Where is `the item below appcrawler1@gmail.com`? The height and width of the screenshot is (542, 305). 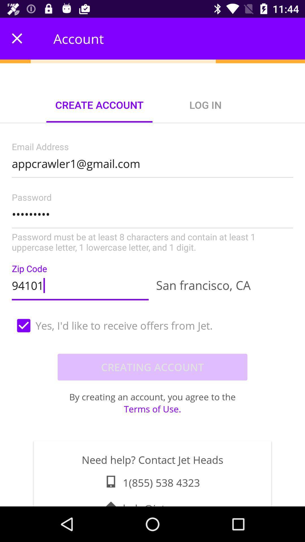
the item below appcrawler1@gmail.com is located at coordinates (152, 223).